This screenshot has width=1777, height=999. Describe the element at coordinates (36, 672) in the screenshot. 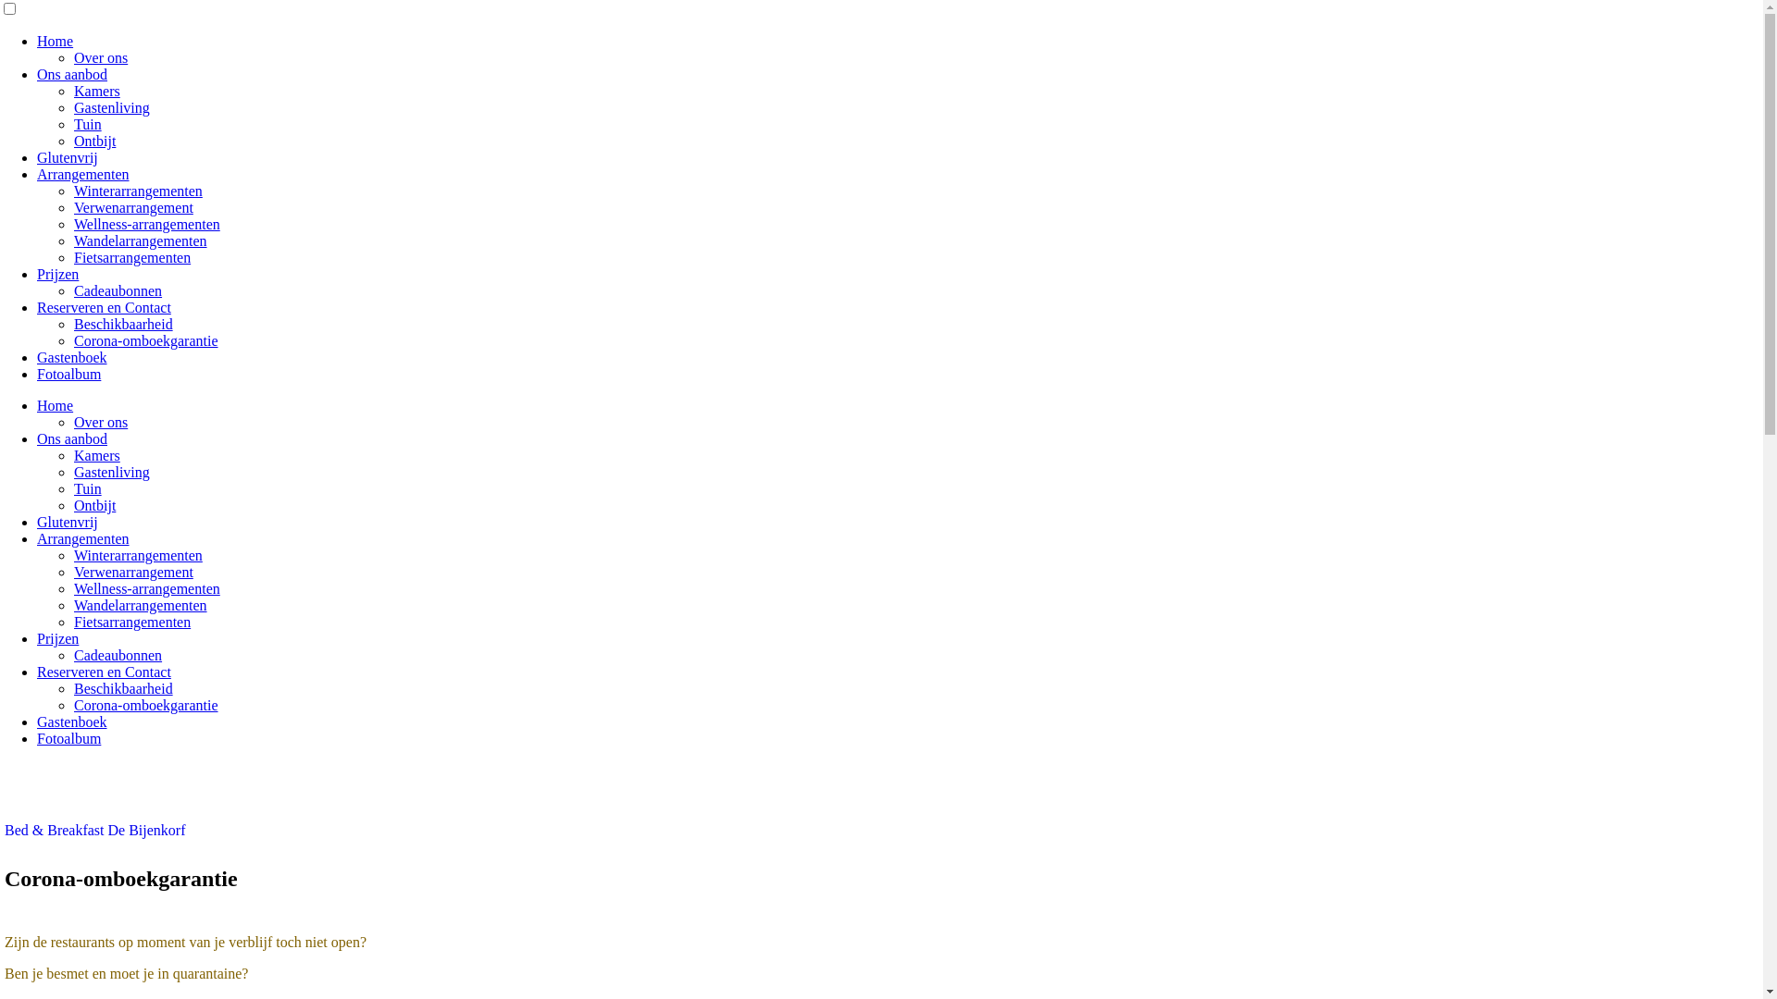

I see `'Reserveren en Contact'` at that location.